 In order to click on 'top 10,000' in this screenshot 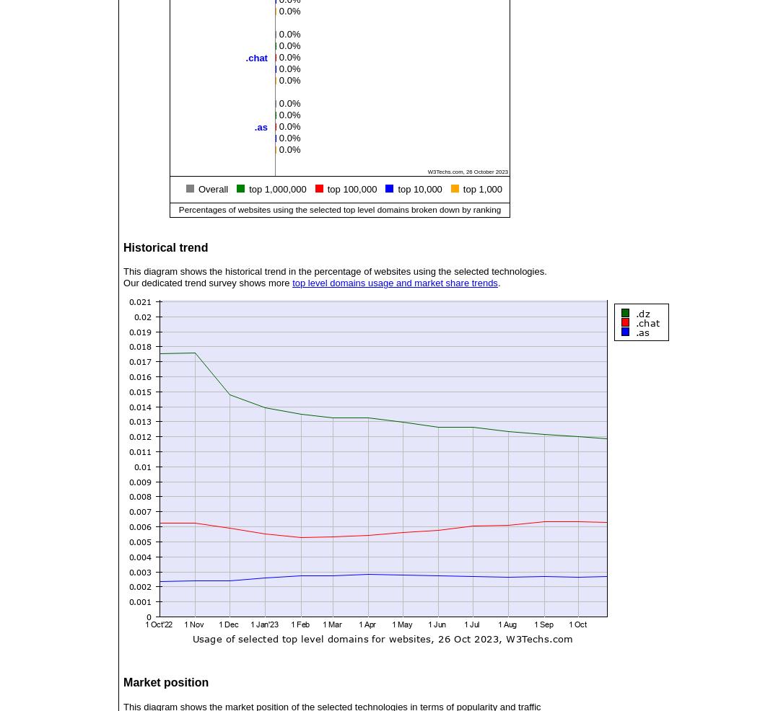, I will do `click(419, 188)`.